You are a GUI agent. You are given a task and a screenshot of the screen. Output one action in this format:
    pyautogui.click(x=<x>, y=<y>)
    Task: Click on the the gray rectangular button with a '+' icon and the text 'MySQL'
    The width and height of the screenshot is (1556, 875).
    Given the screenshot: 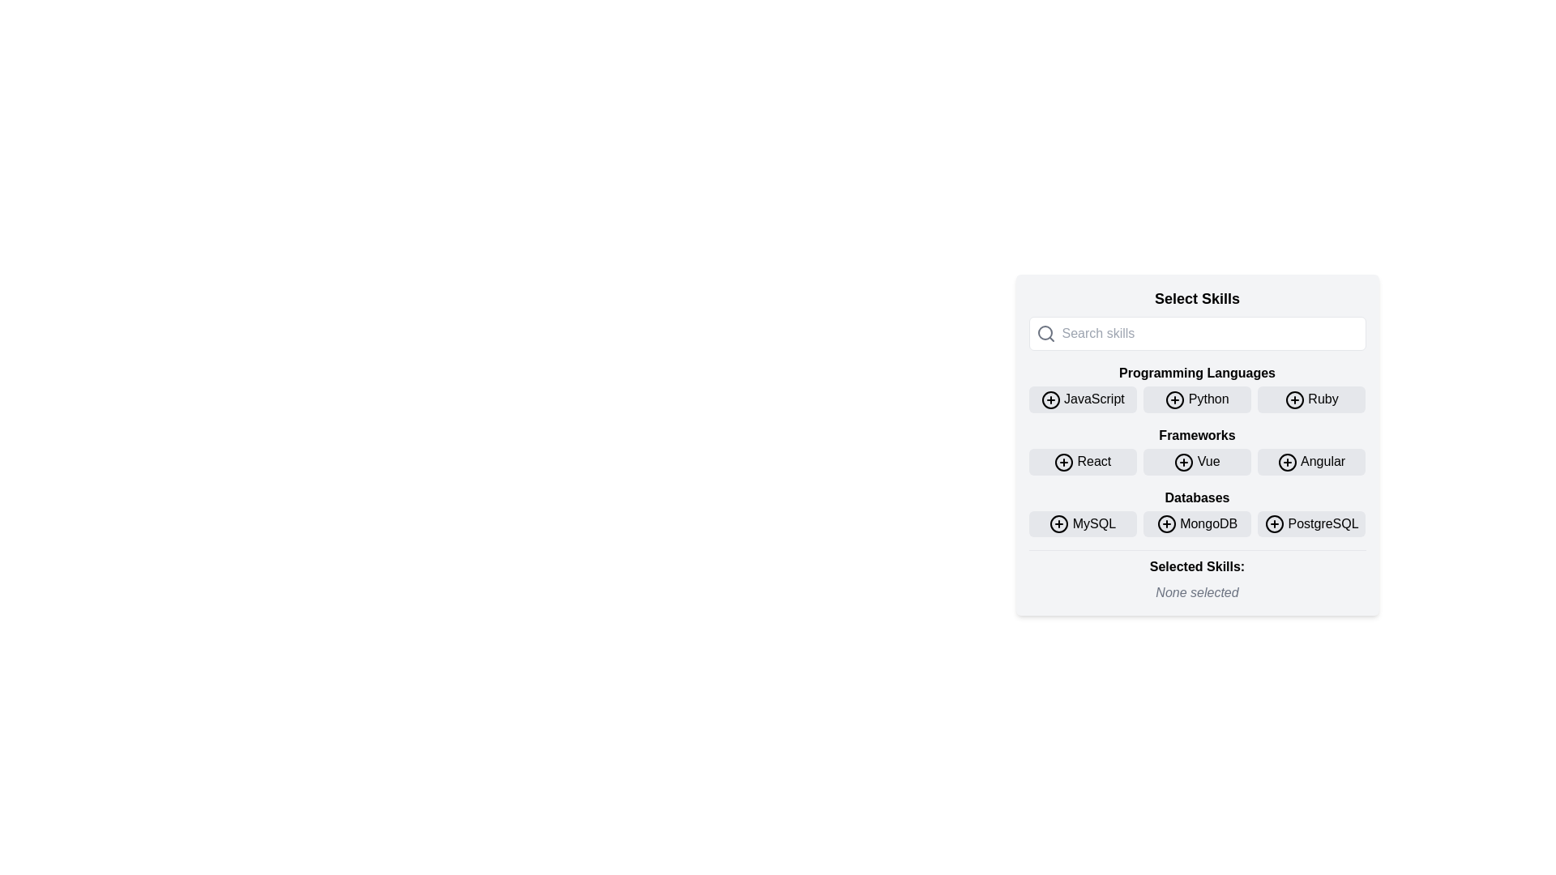 What is the action you would take?
    pyautogui.click(x=1083, y=523)
    